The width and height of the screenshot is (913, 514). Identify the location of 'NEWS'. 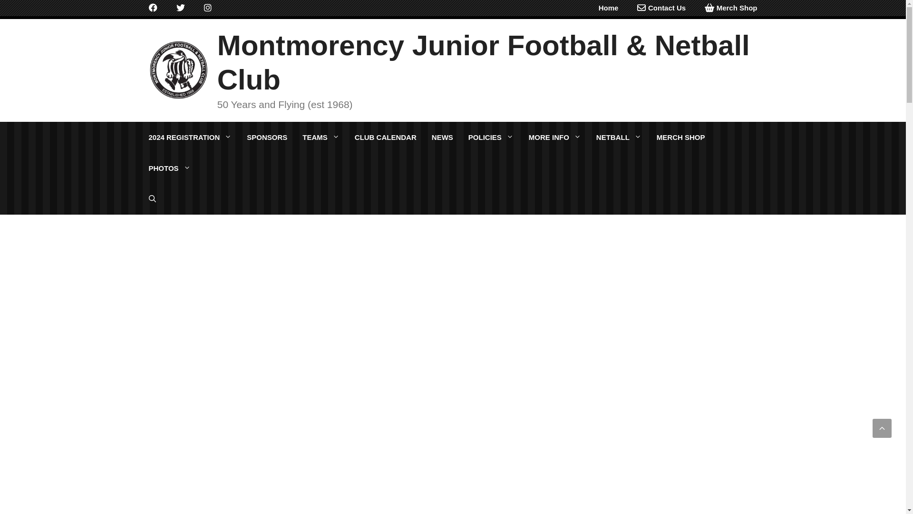
(442, 137).